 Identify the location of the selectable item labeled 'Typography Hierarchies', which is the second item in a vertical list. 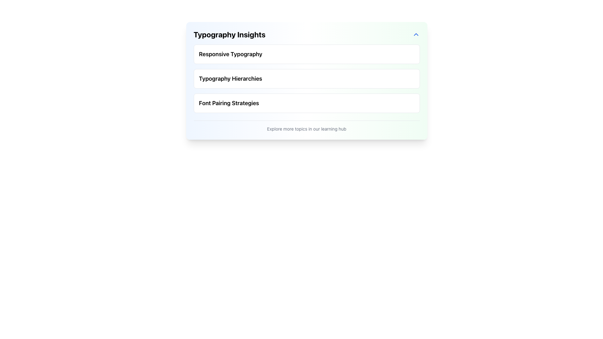
(307, 78).